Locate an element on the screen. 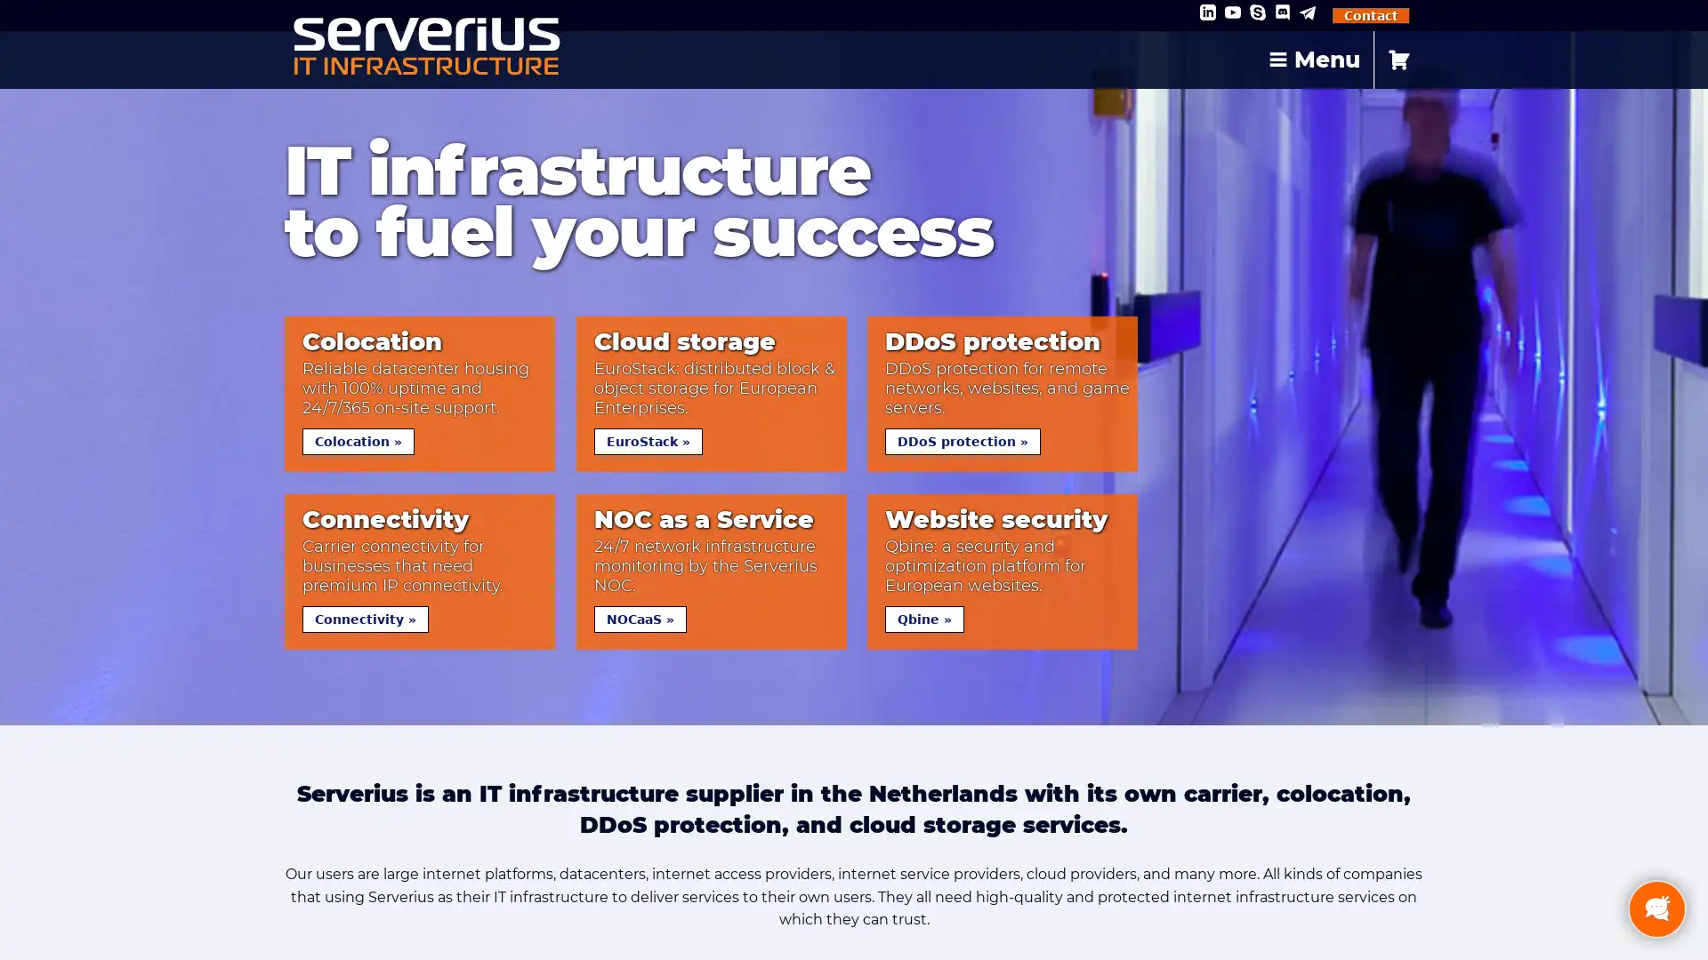 Image resolution: width=1708 pixels, height=960 pixels. Contact is located at coordinates (1370, 16).